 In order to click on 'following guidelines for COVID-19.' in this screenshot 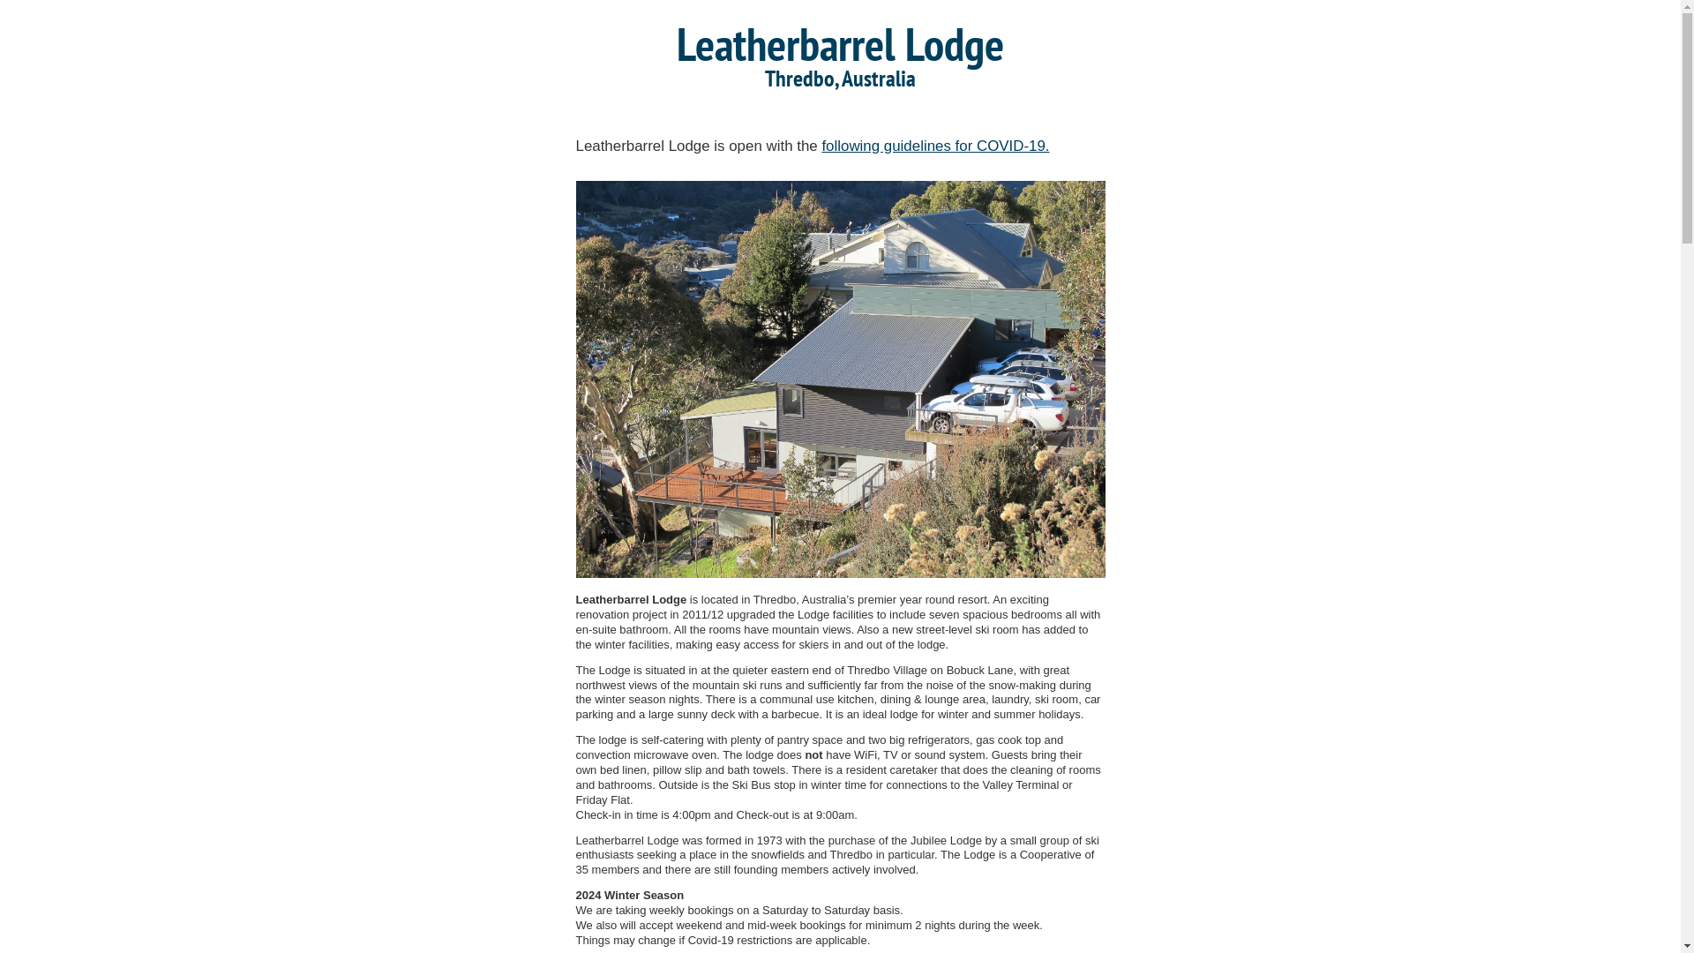, I will do `click(934, 145)`.